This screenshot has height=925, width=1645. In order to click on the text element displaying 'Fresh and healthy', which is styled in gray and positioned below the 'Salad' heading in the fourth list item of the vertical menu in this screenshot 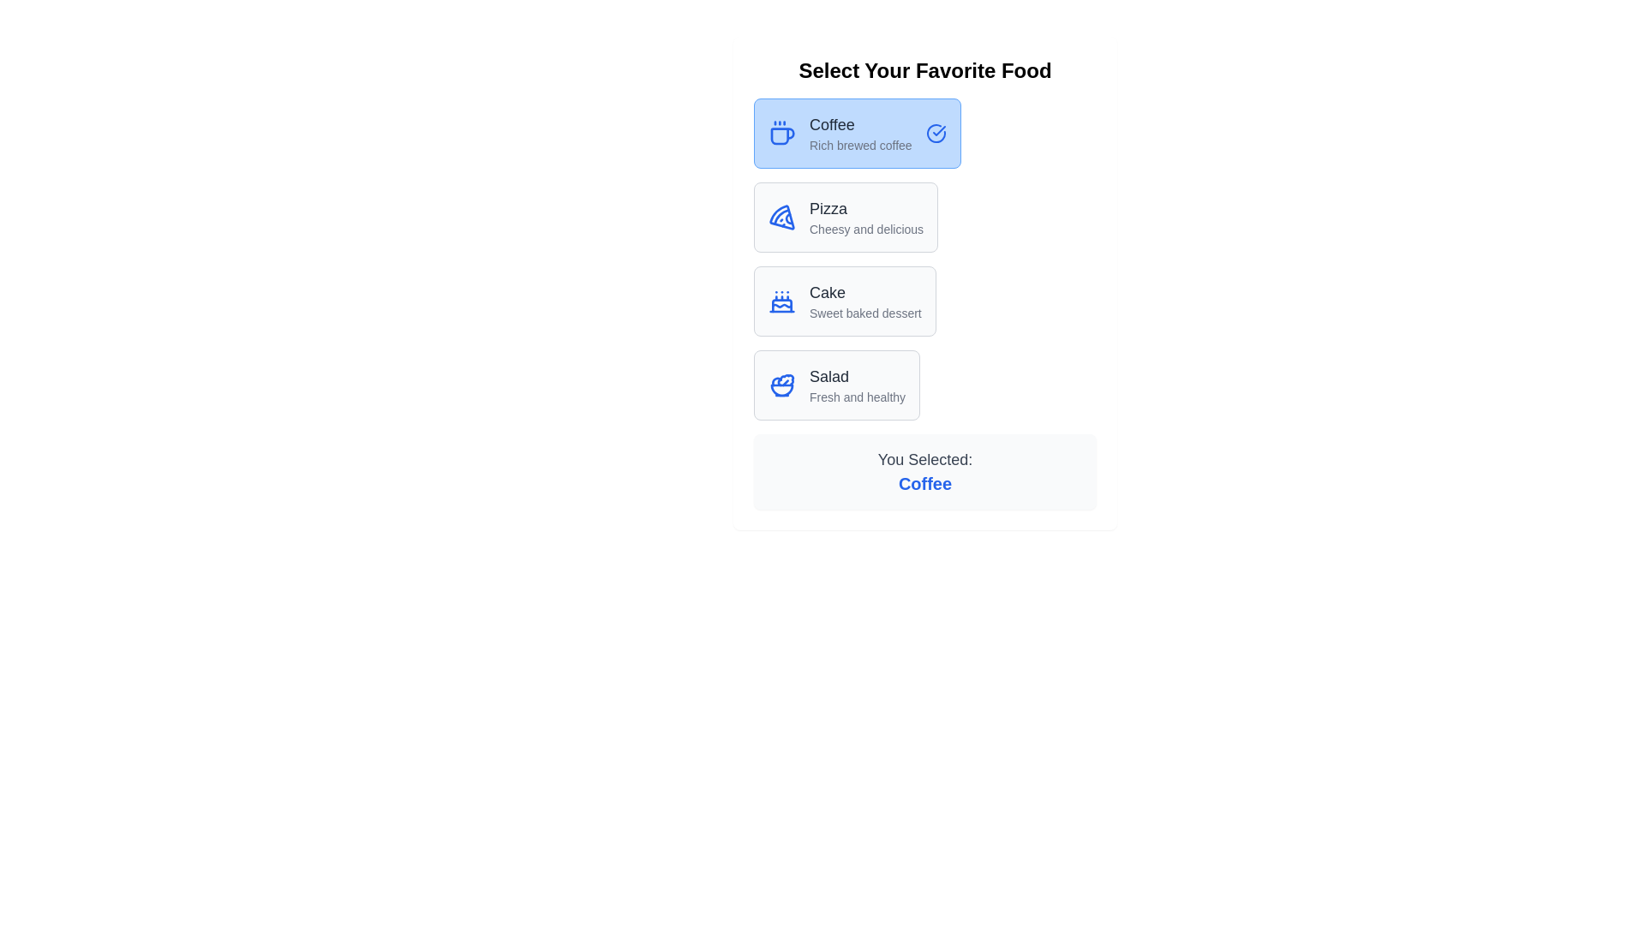, I will do `click(858, 397)`.